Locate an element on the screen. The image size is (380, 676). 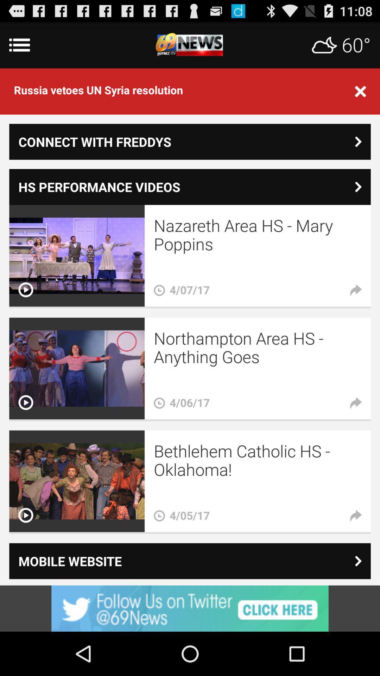
home page is located at coordinates (190, 45).